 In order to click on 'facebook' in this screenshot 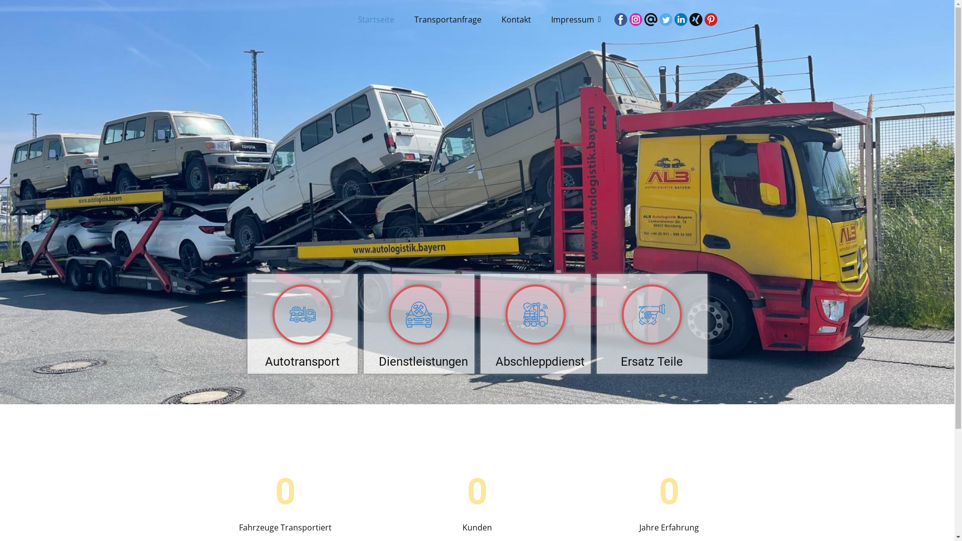, I will do `click(620, 19)`.